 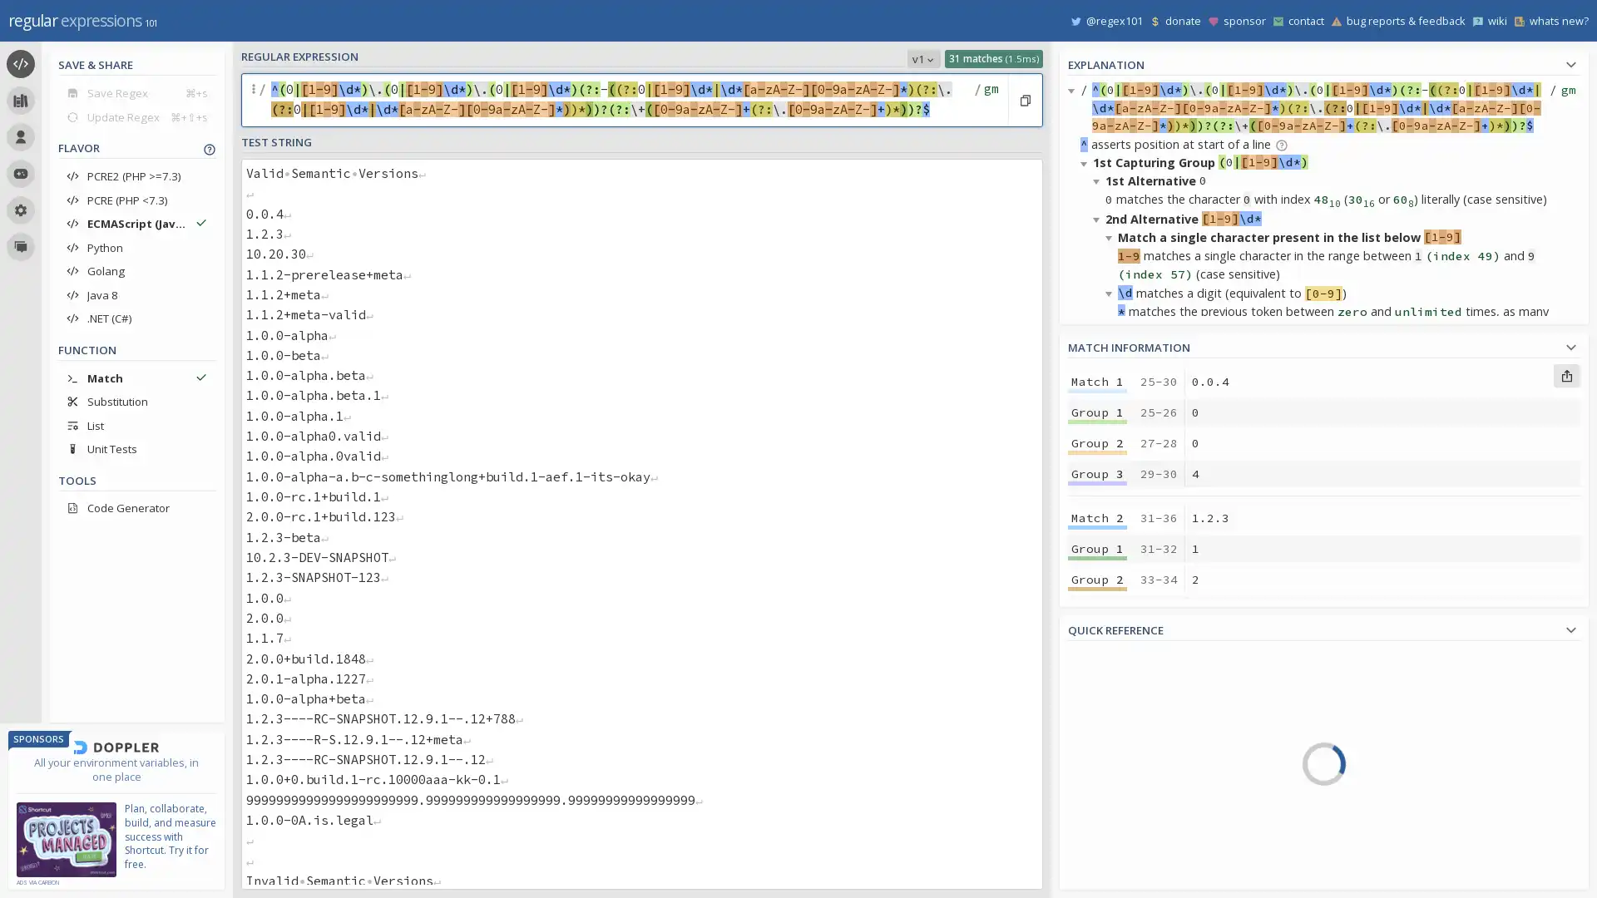 What do you see at coordinates (1111, 291) in the screenshot?
I see `Collapse Subtree` at bounding box center [1111, 291].